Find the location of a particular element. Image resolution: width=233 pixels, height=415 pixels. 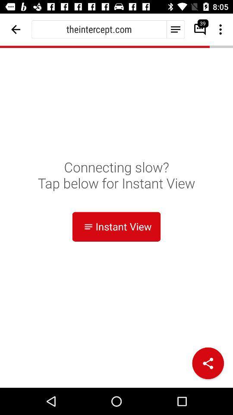

the text at the top is located at coordinates (98, 29).